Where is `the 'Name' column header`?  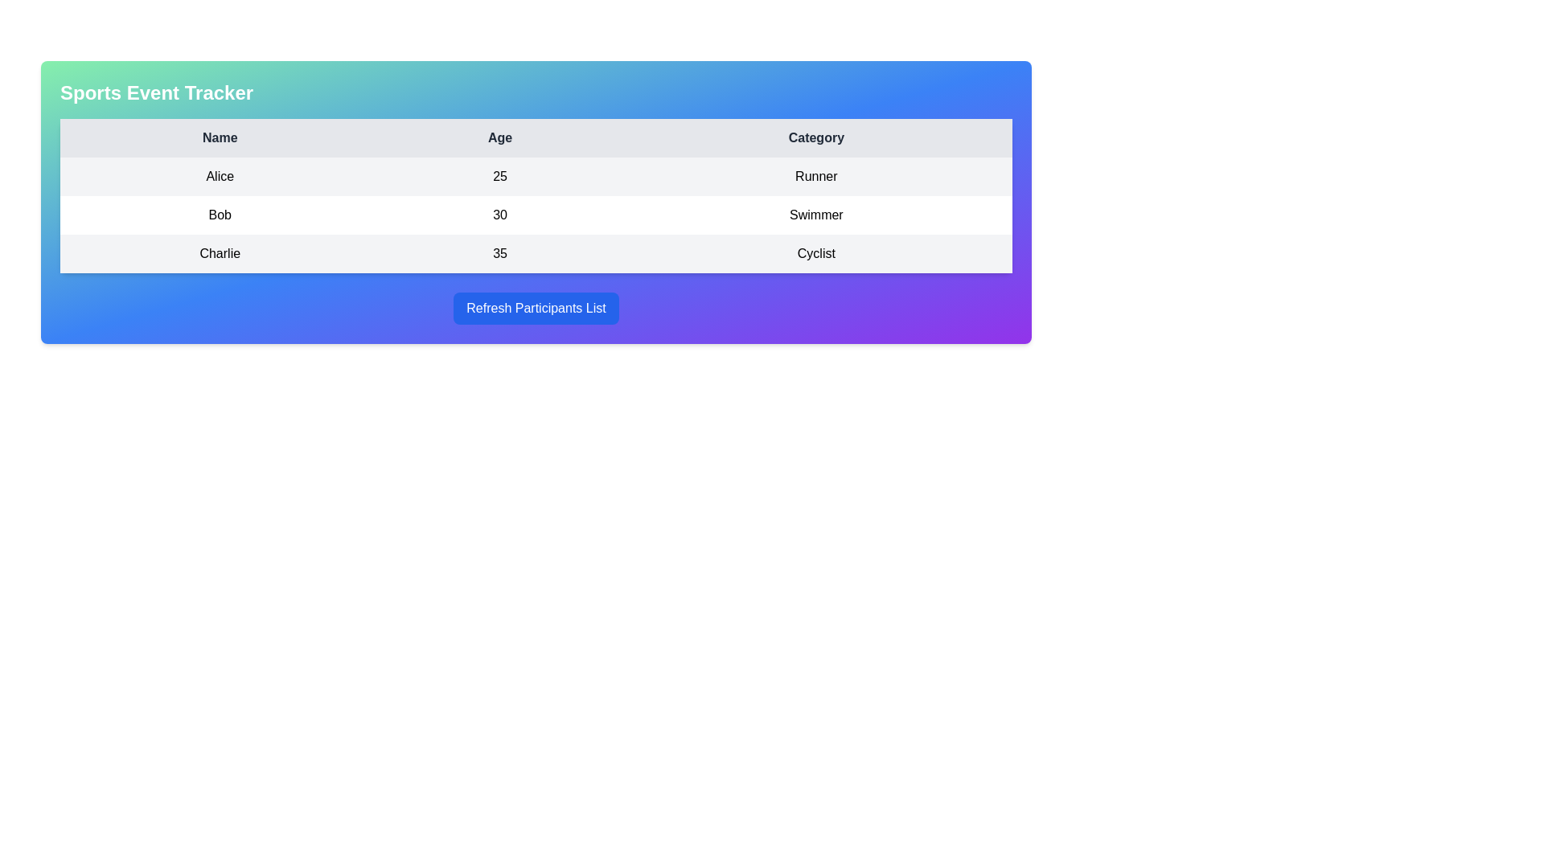 the 'Name' column header is located at coordinates (219, 137).